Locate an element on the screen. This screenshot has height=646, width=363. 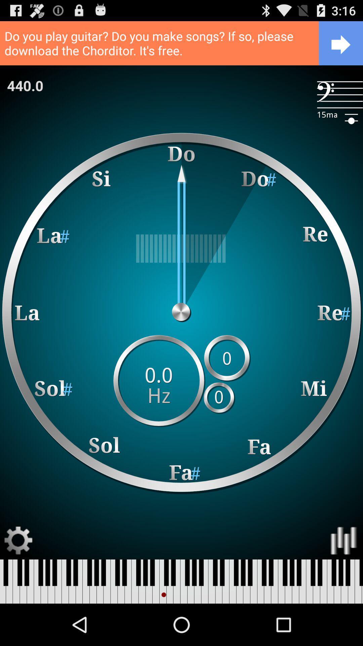
the app next to 440.0 item is located at coordinates (340, 94).